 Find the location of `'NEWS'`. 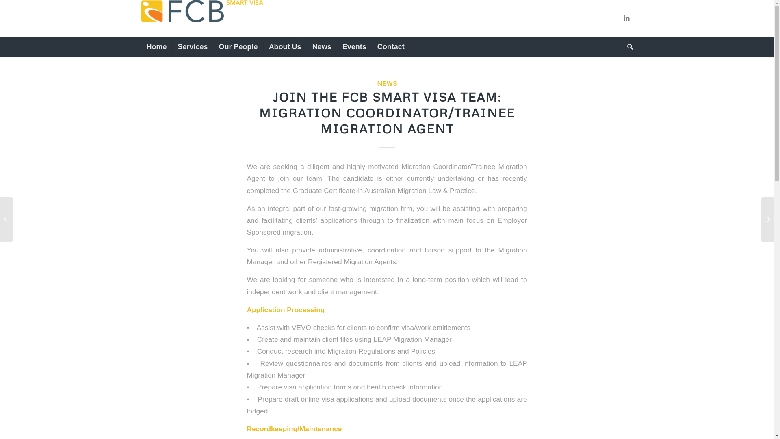

'NEWS' is located at coordinates (386, 83).